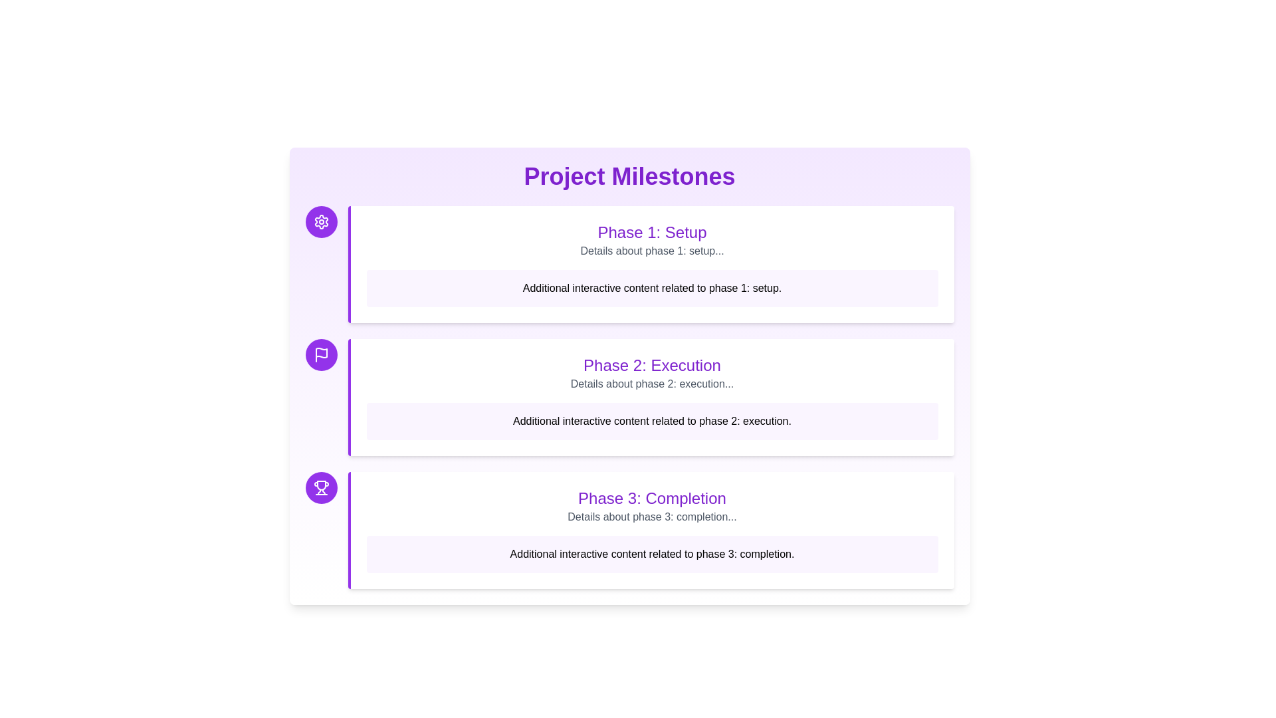 This screenshot has height=718, width=1276. What do you see at coordinates (652, 384) in the screenshot?
I see `static text element that provides descriptive information about 'Phase 2: Execution', which is centrally aligned and located below the heading text` at bounding box center [652, 384].